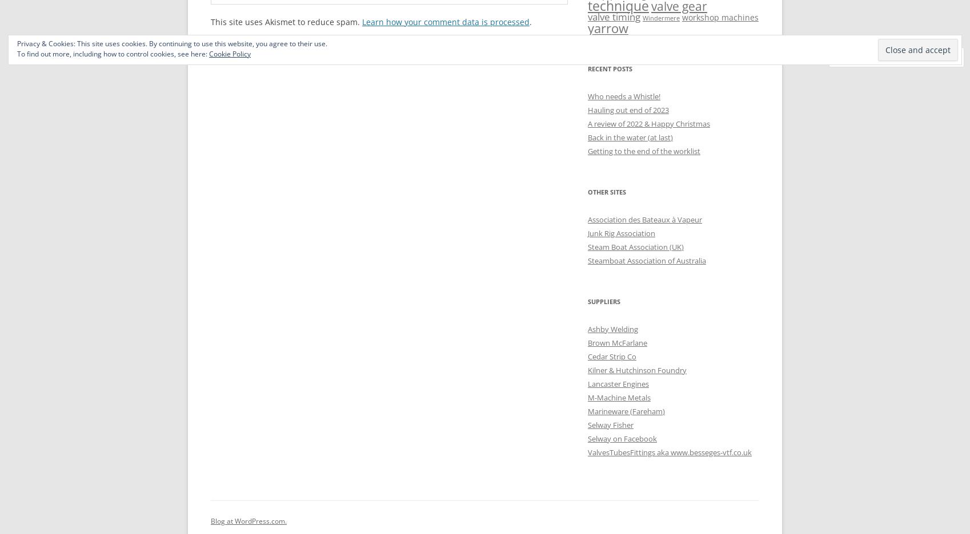 Image resolution: width=970 pixels, height=534 pixels. Describe the element at coordinates (587, 95) in the screenshot. I see `'Who needs a Whistle!'` at that location.